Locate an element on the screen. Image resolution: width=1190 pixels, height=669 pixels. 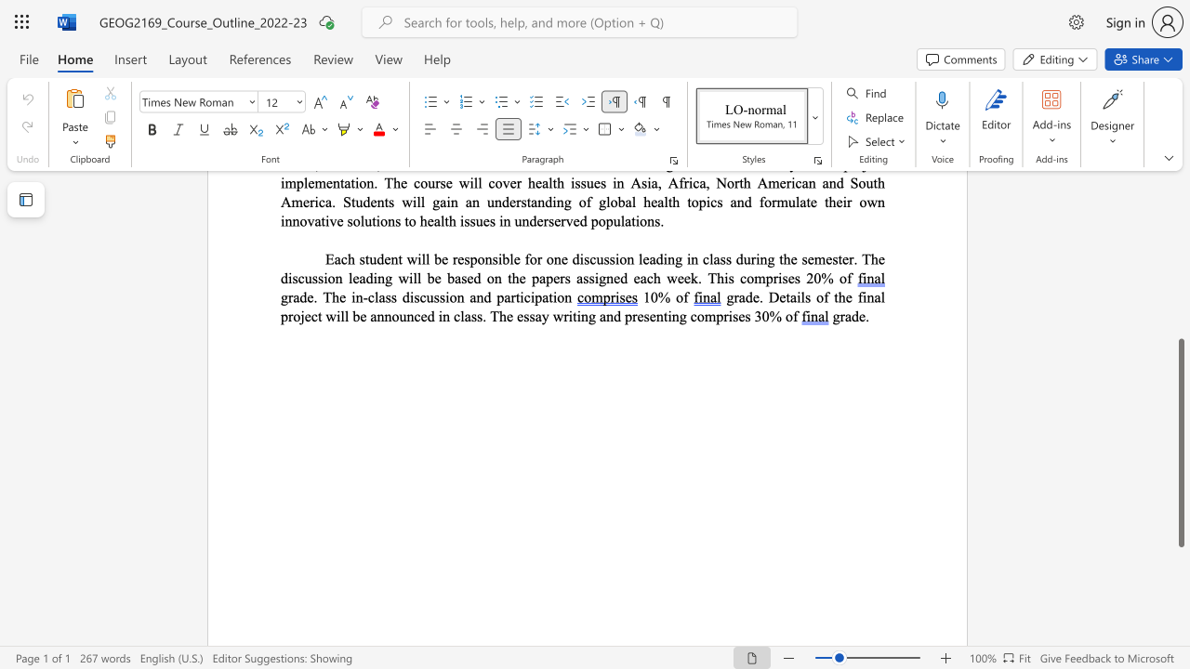
the vertical scrollbar to raise the page content is located at coordinates (1180, 269).